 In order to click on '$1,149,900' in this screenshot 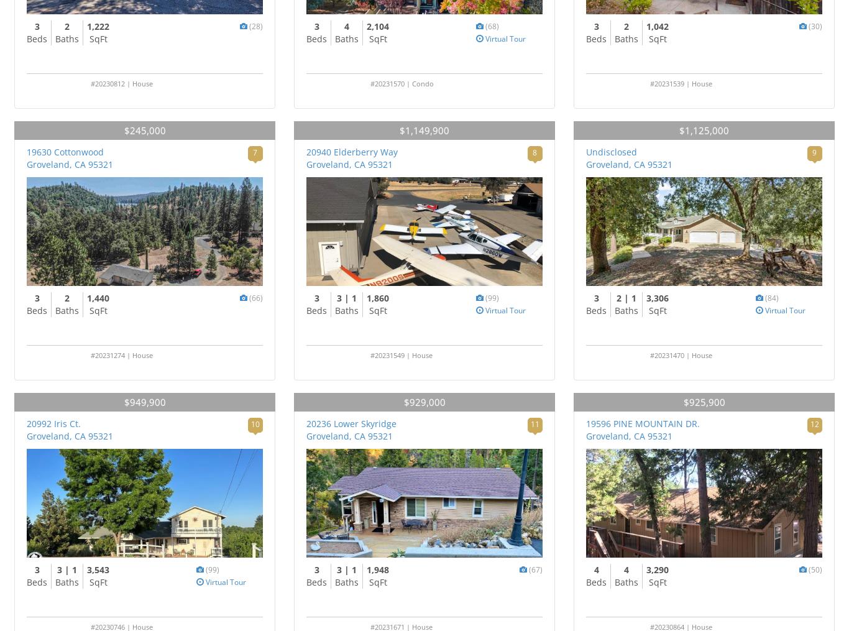, I will do `click(424, 130)`.